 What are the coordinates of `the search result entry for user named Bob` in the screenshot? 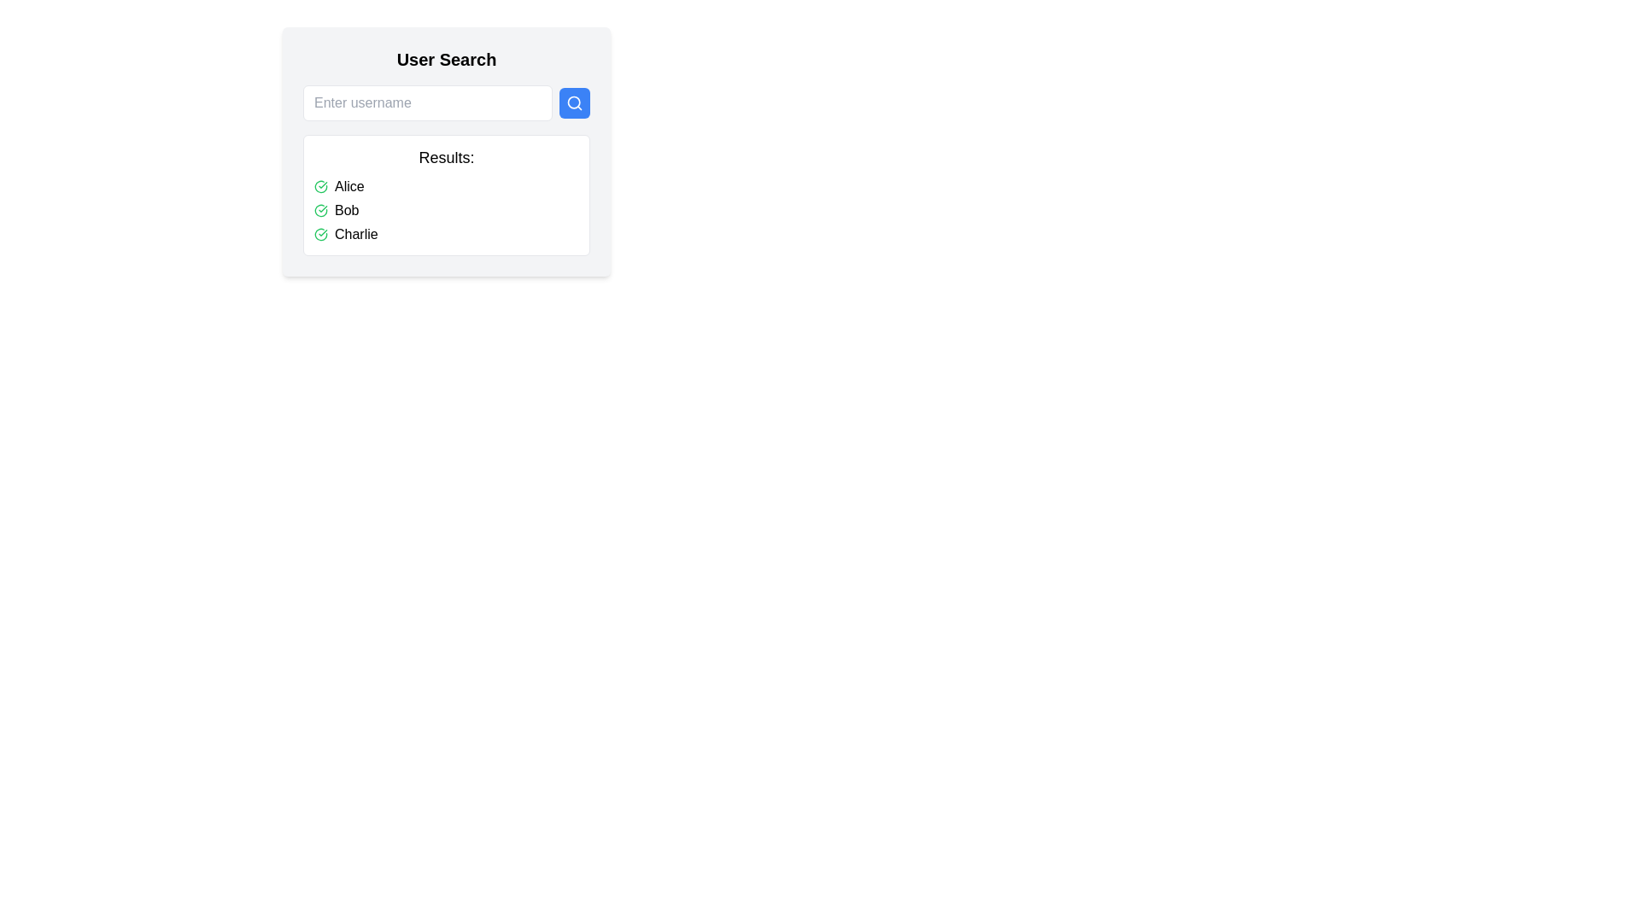 It's located at (346, 209).